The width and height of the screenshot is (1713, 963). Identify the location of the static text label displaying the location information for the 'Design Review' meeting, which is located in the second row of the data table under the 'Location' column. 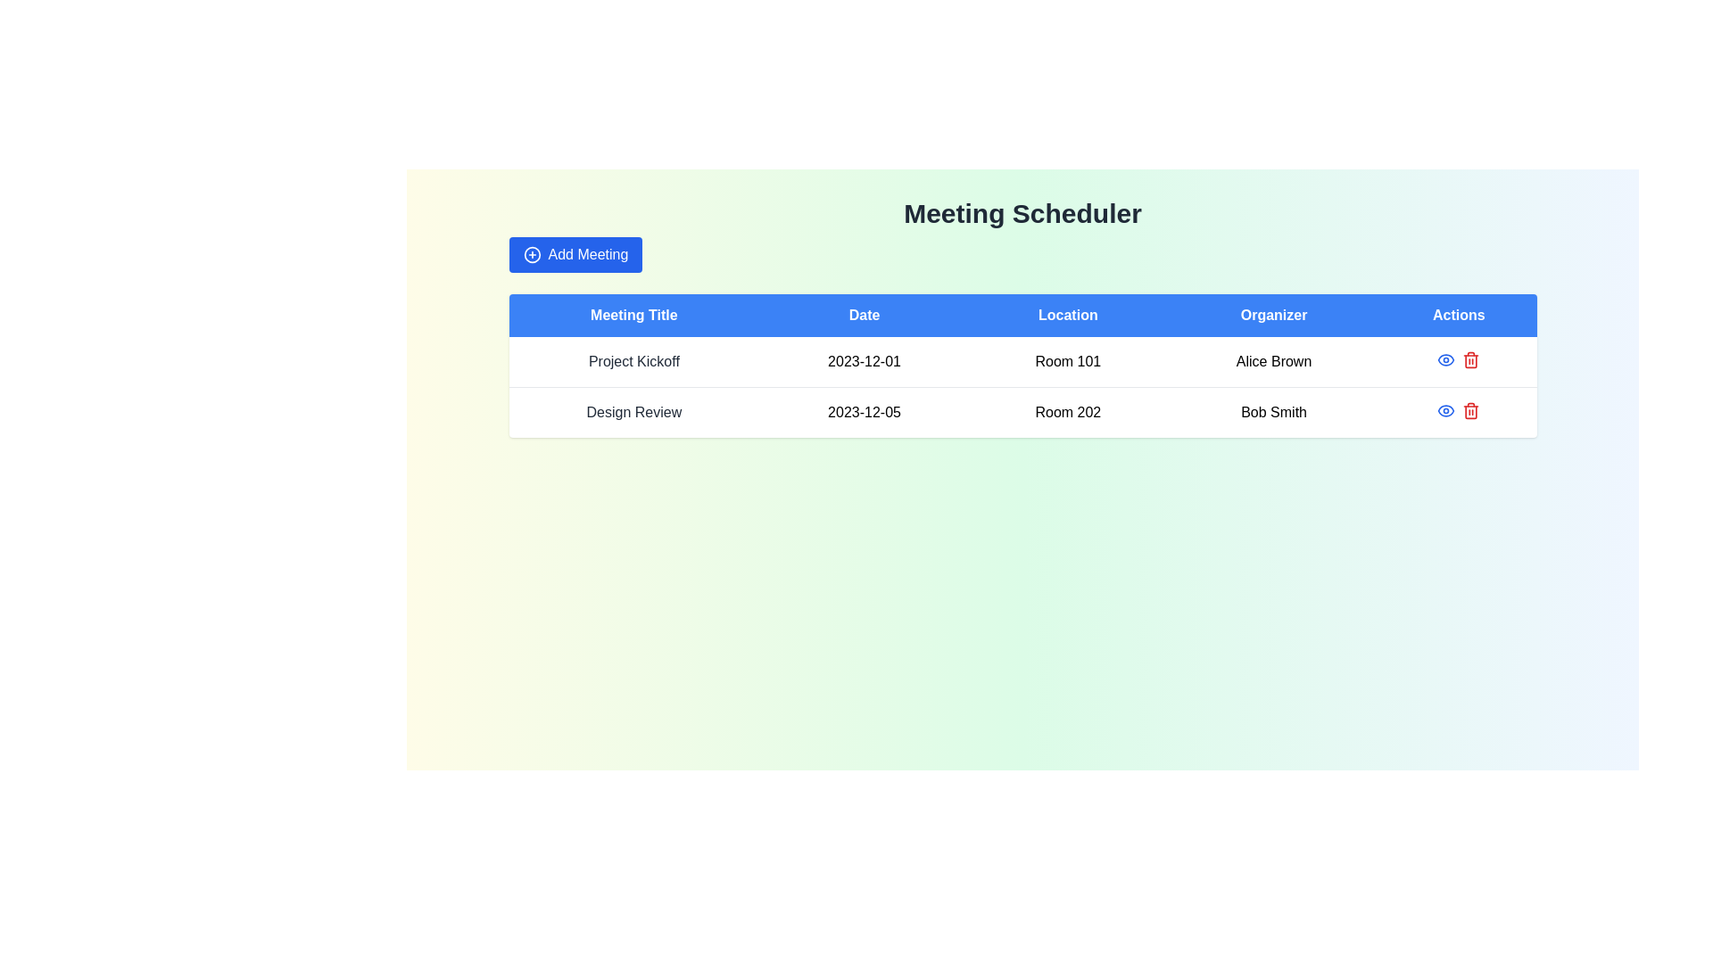
(1068, 412).